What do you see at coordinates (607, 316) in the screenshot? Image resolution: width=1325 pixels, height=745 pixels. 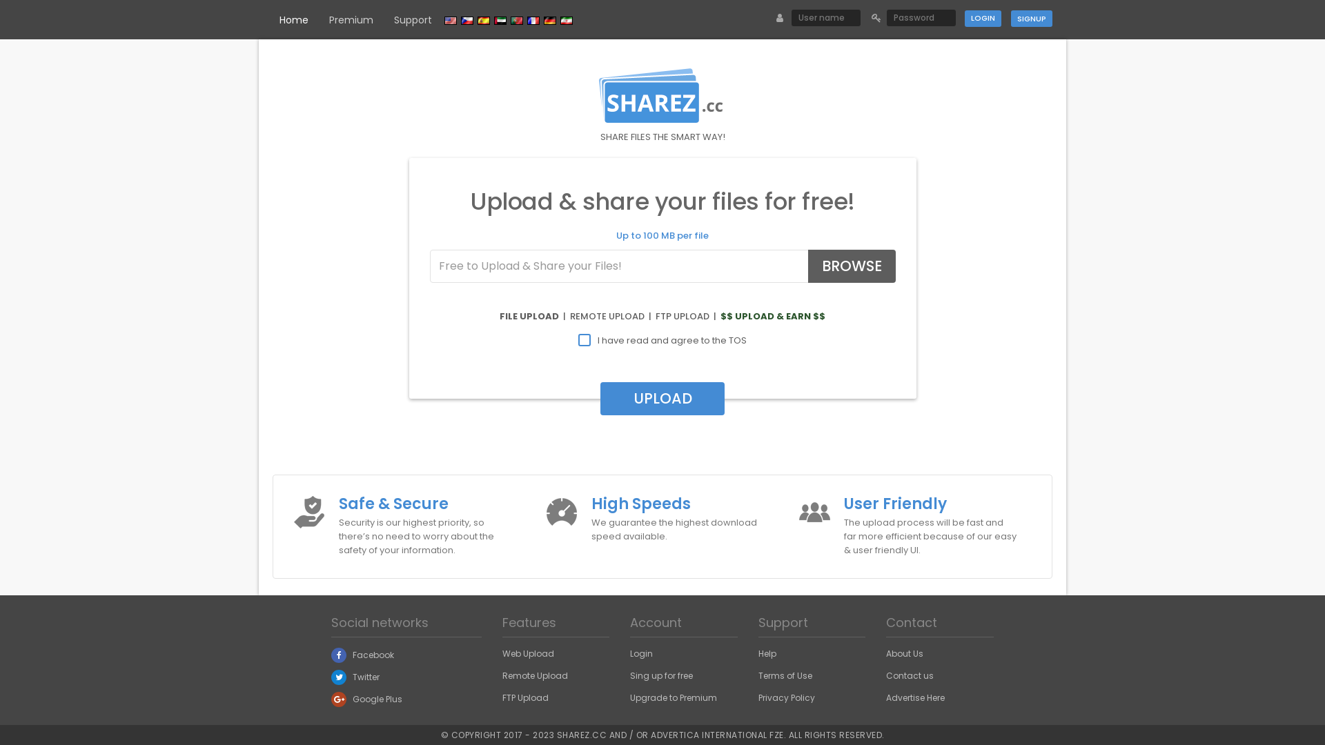 I see `'REMOTE UPLOAD'` at bounding box center [607, 316].